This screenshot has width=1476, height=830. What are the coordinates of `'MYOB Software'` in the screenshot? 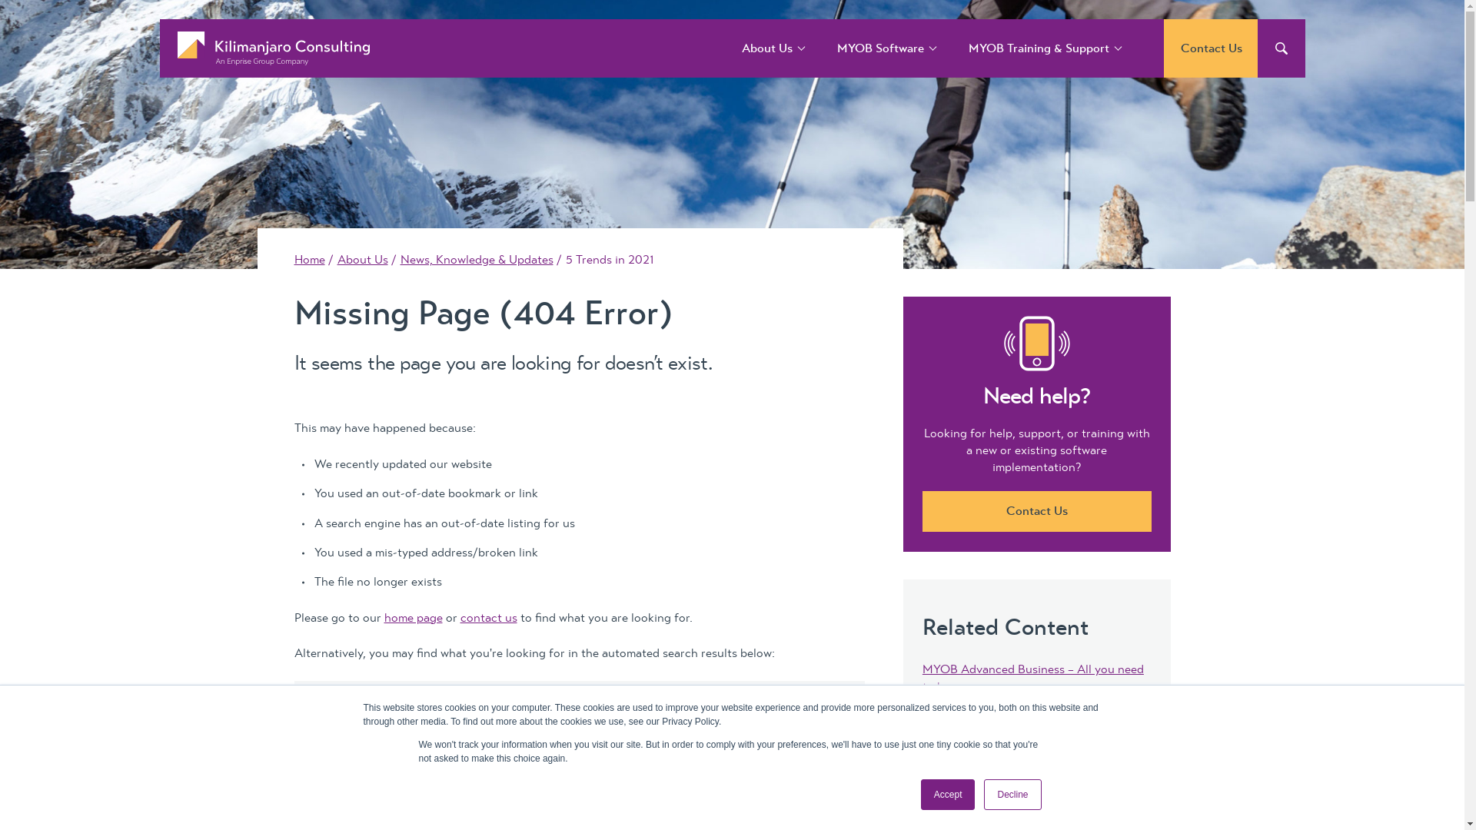 It's located at (880, 47).